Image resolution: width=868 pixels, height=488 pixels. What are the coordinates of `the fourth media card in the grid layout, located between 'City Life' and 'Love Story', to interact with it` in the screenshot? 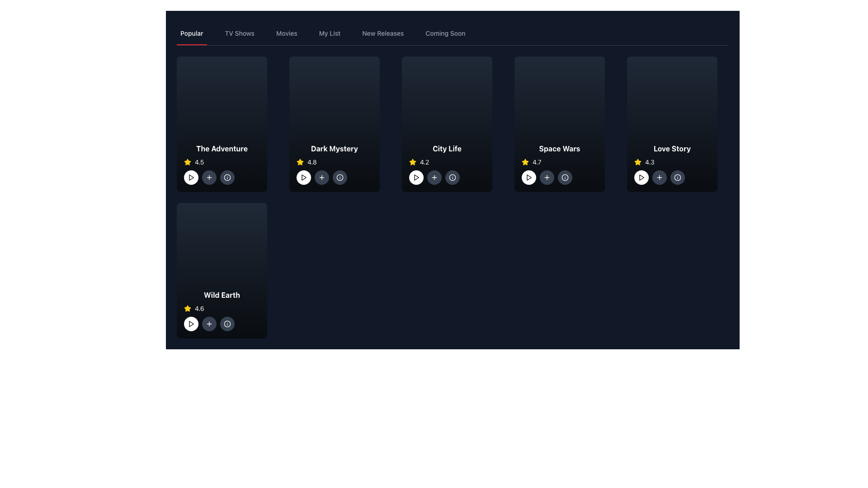 It's located at (559, 124).